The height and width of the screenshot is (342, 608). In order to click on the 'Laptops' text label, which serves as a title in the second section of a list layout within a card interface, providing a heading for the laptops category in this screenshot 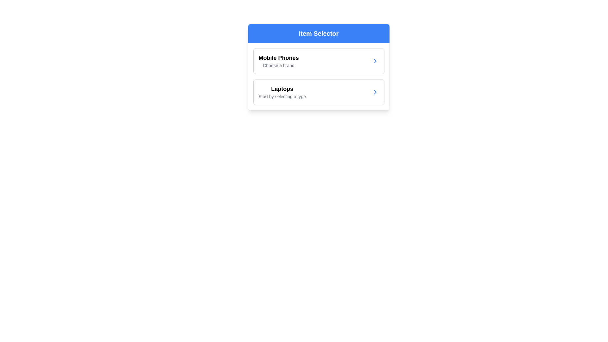, I will do `click(282, 89)`.